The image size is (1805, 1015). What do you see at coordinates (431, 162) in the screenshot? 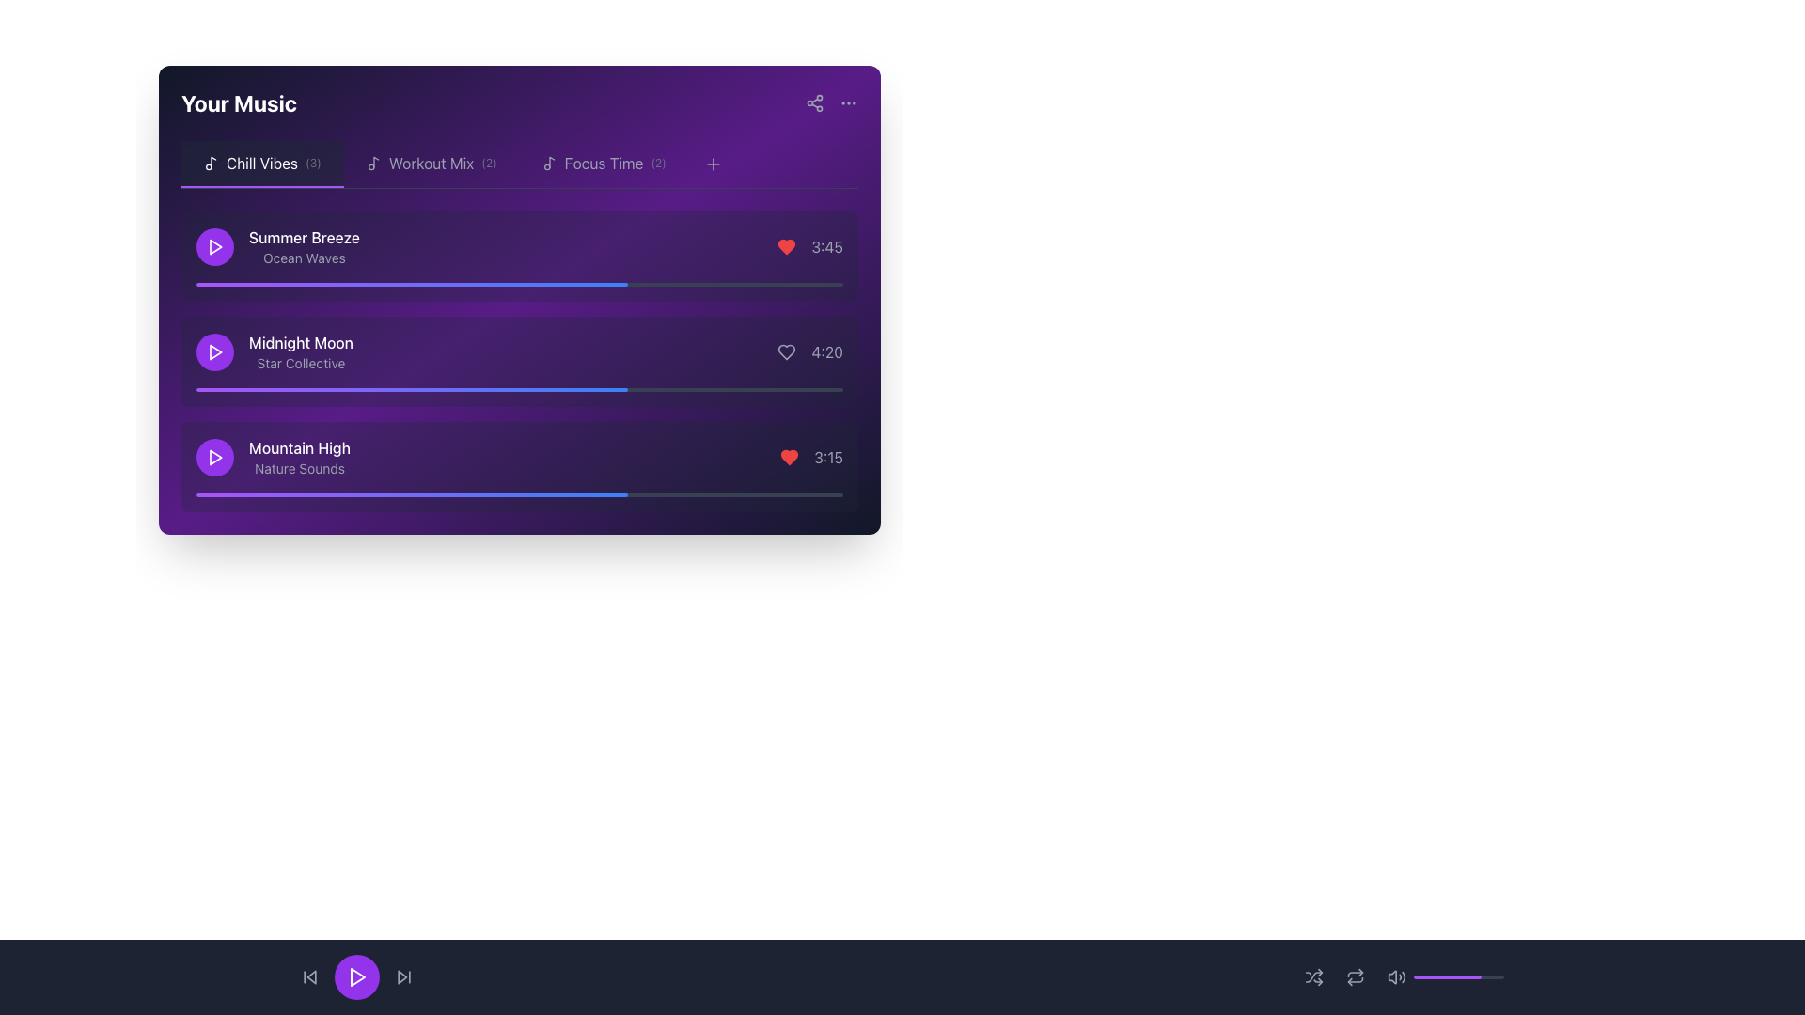
I see `the button labeled 'Workout Mix (2)' with a music icon` at bounding box center [431, 162].